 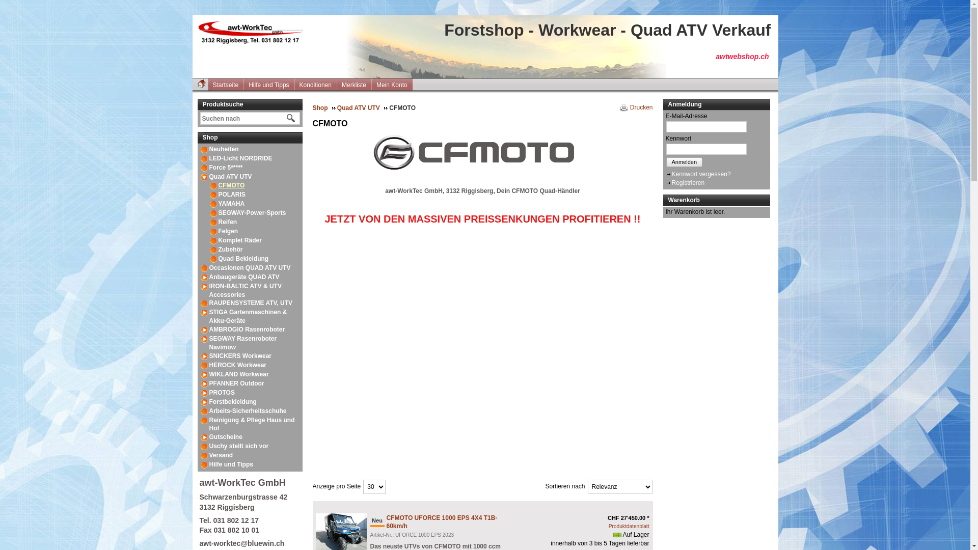 I want to click on 'Versand', so click(x=221, y=455).